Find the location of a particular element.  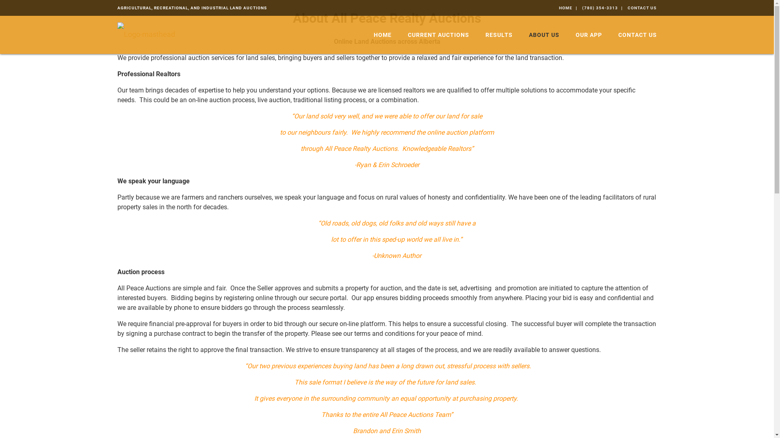

'HOME' is located at coordinates (382, 34).